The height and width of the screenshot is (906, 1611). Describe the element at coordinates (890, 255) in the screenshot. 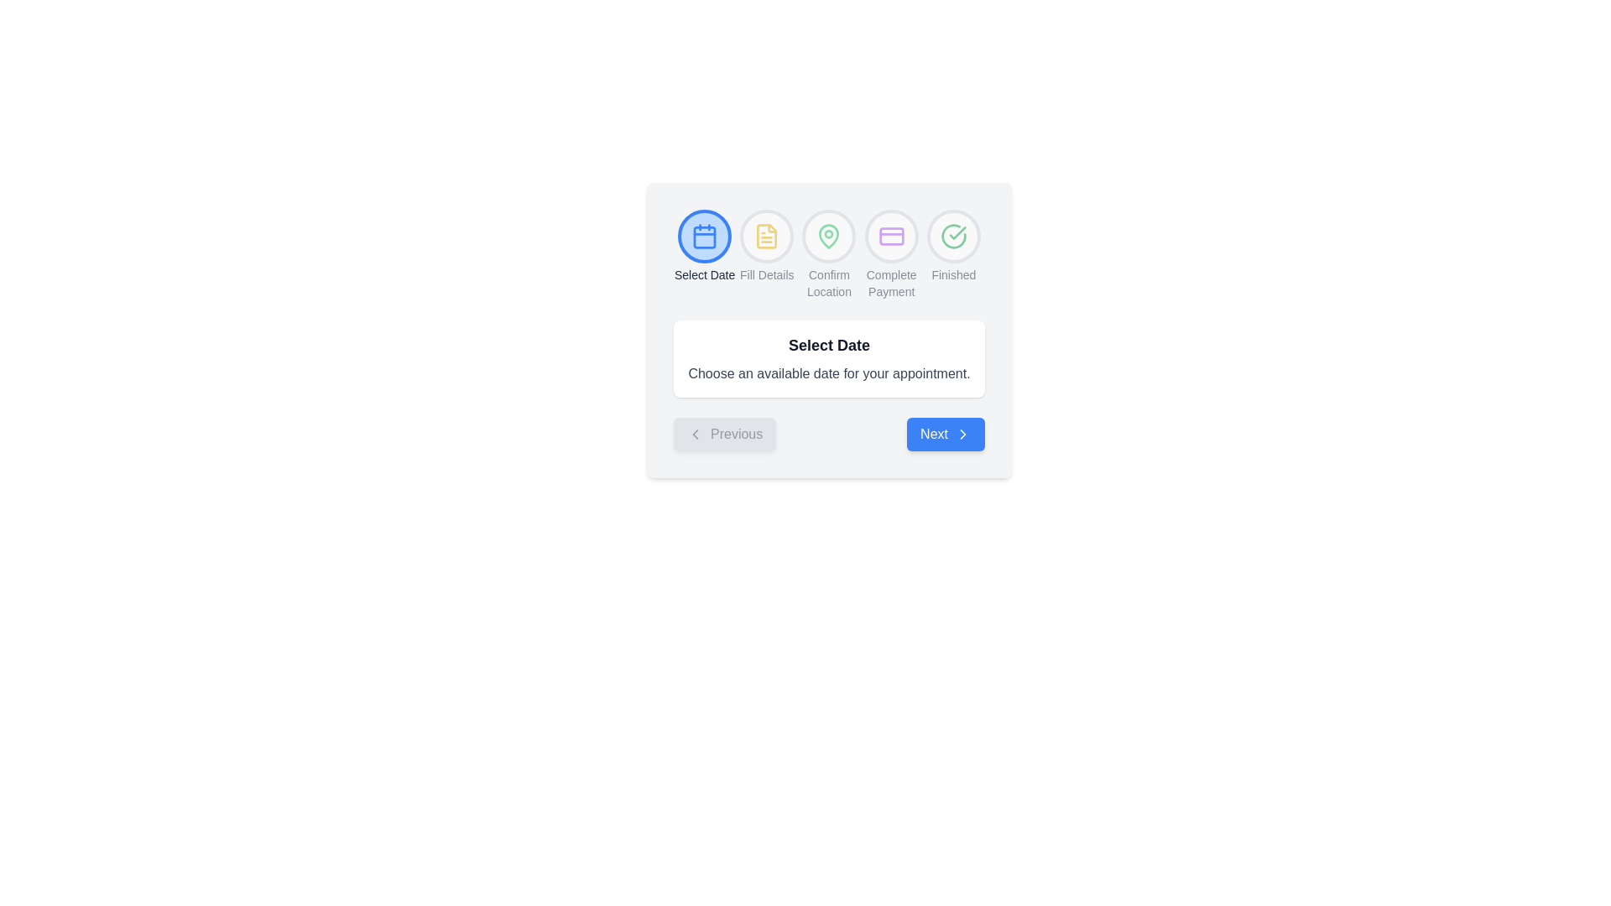

I see `the Progress step indicator labeled 'Complete Payment', which is the fourth step in a multi-step process` at that location.